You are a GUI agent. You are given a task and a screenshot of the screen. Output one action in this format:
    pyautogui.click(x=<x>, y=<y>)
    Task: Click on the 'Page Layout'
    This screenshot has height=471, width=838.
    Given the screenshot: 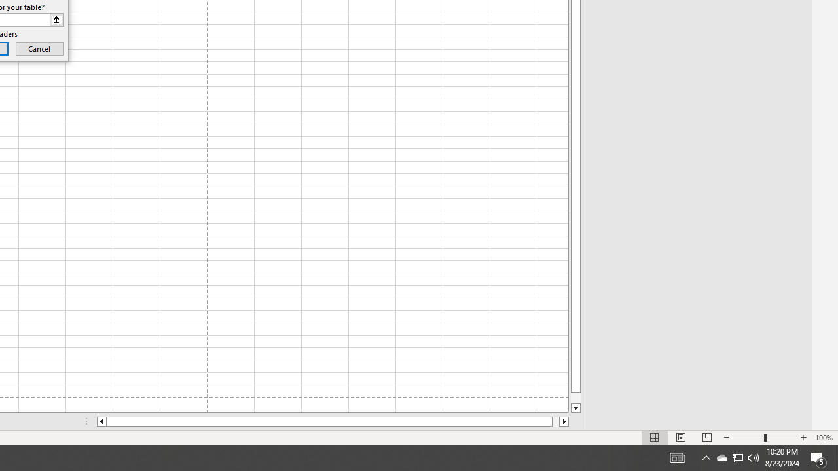 What is the action you would take?
    pyautogui.click(x=681, y=438)
    